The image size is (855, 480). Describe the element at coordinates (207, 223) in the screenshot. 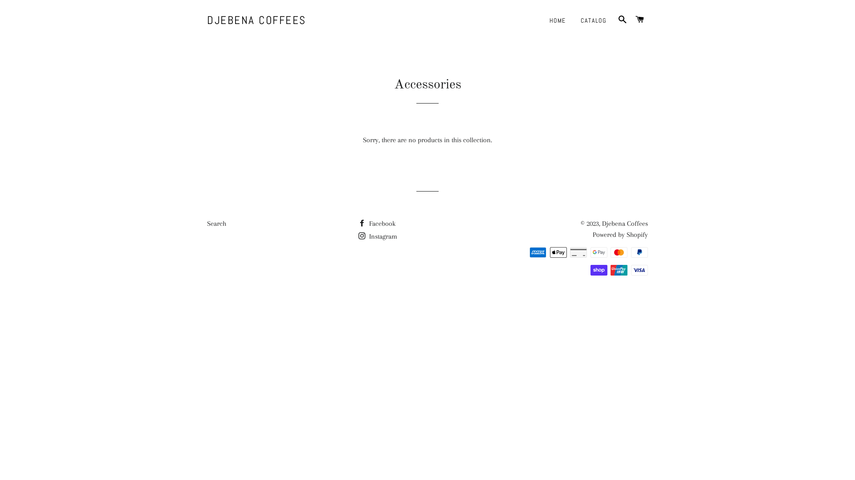

I see `'Search'` at that location.